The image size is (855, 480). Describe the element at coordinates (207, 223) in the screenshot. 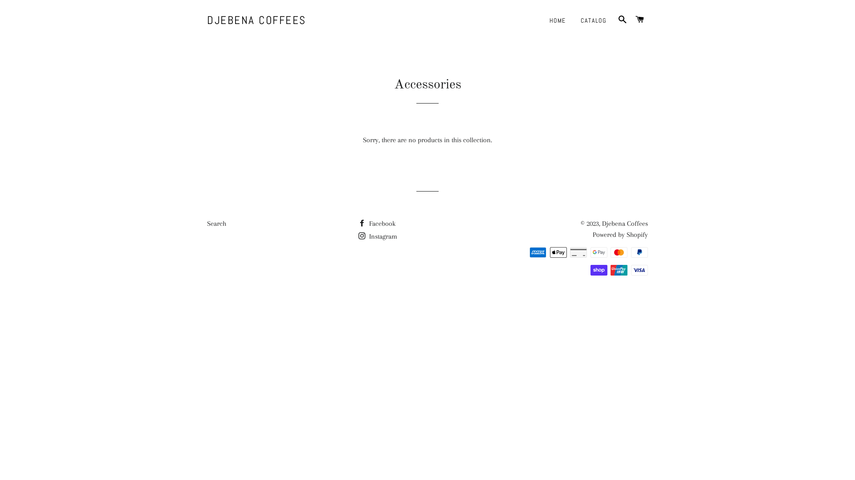

I see `'Search'` at that location.